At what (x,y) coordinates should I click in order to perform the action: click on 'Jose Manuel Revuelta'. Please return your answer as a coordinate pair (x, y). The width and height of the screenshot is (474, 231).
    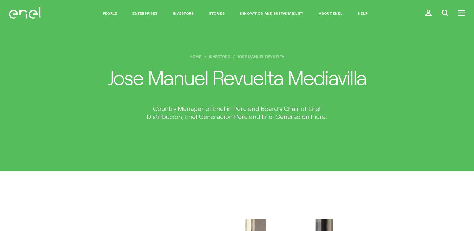
    Looking at the image, I should click on (237, 57).